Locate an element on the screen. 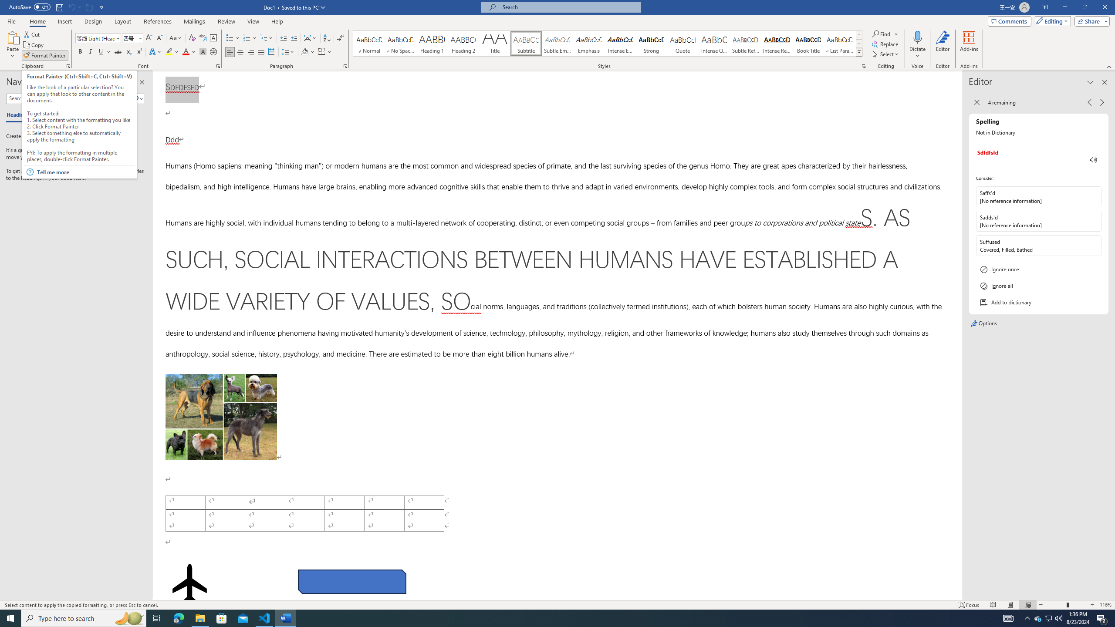 This screenshot has width=1115, height=627. 'Bullets' is located at coordinates (230, 38).